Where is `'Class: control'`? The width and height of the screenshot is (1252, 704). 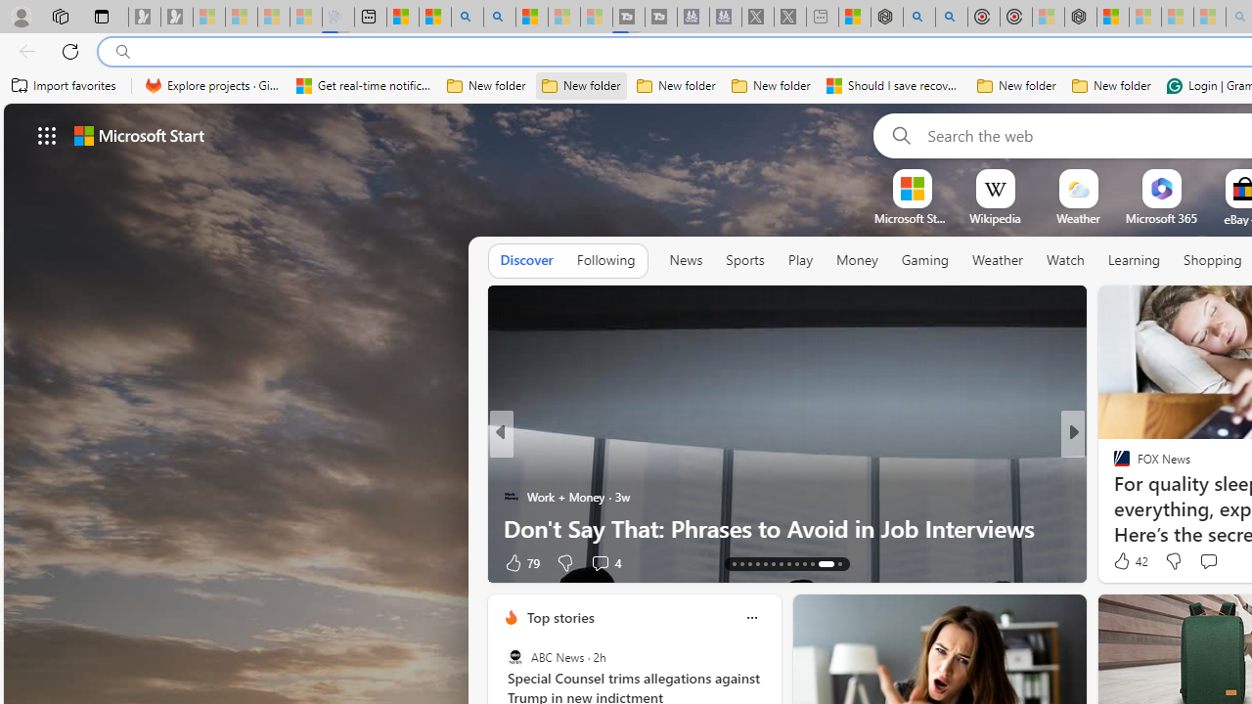 'Class: control' is located at coordinates (47, 134).